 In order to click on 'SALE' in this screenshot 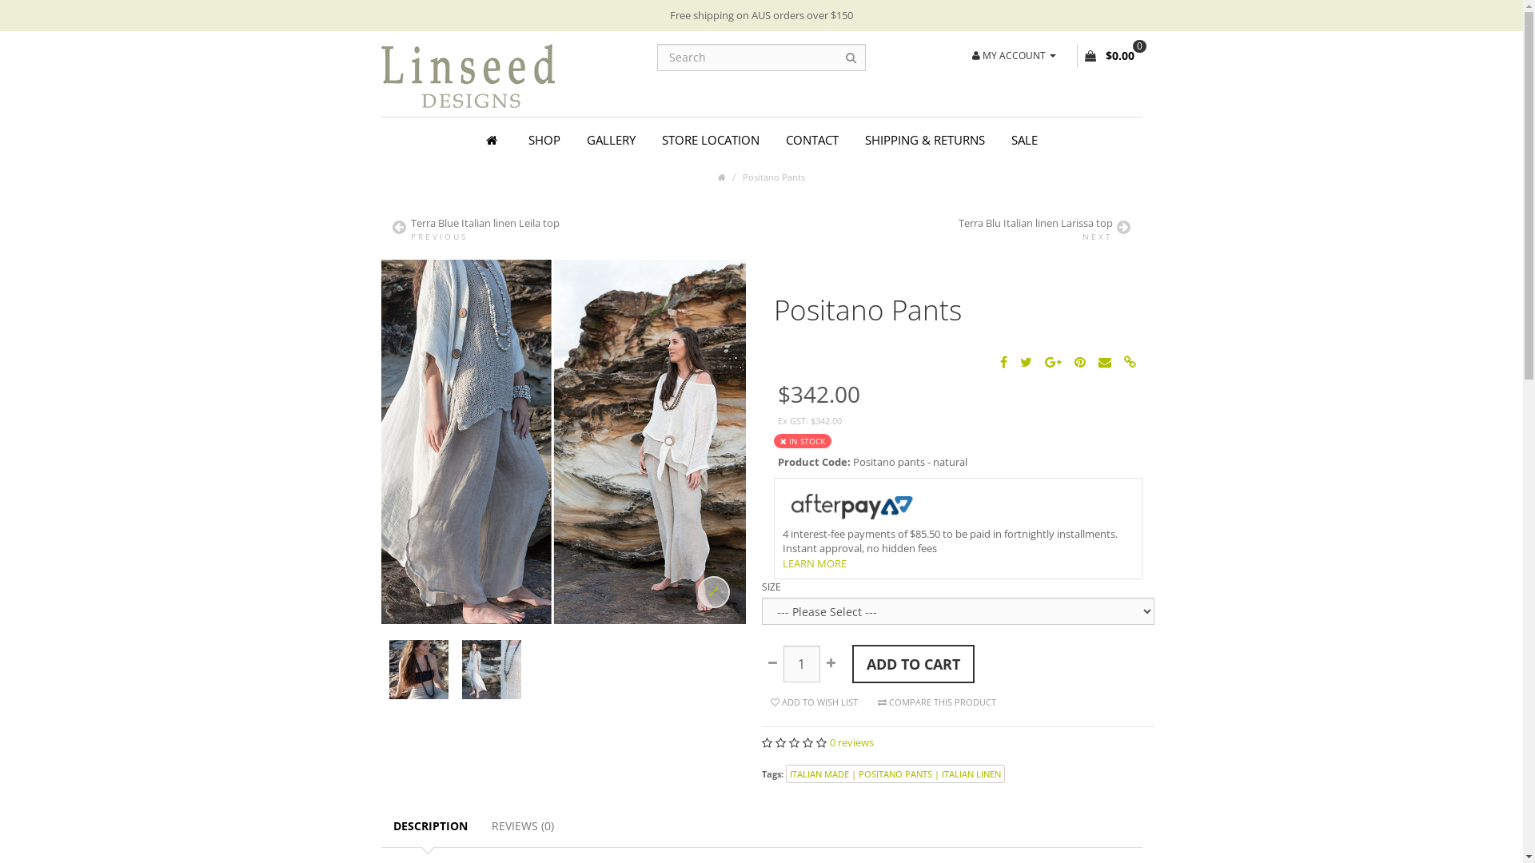, I will do `click(1024, 138)`.